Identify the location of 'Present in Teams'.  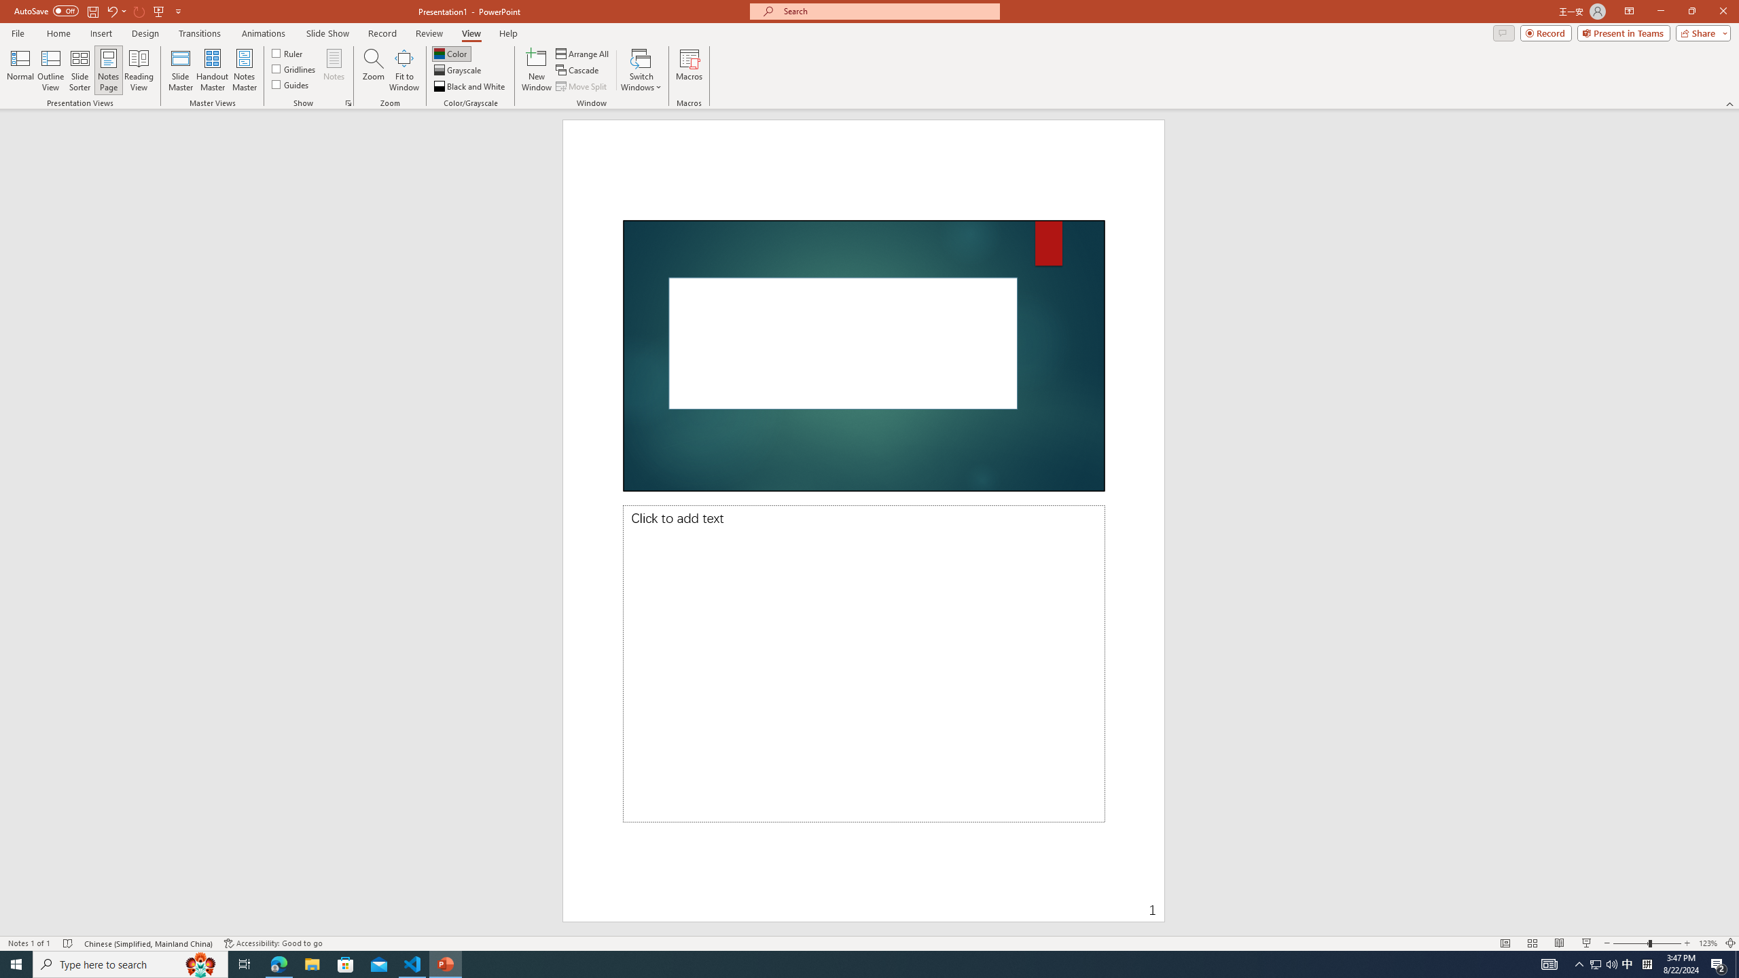
(1624, 32).